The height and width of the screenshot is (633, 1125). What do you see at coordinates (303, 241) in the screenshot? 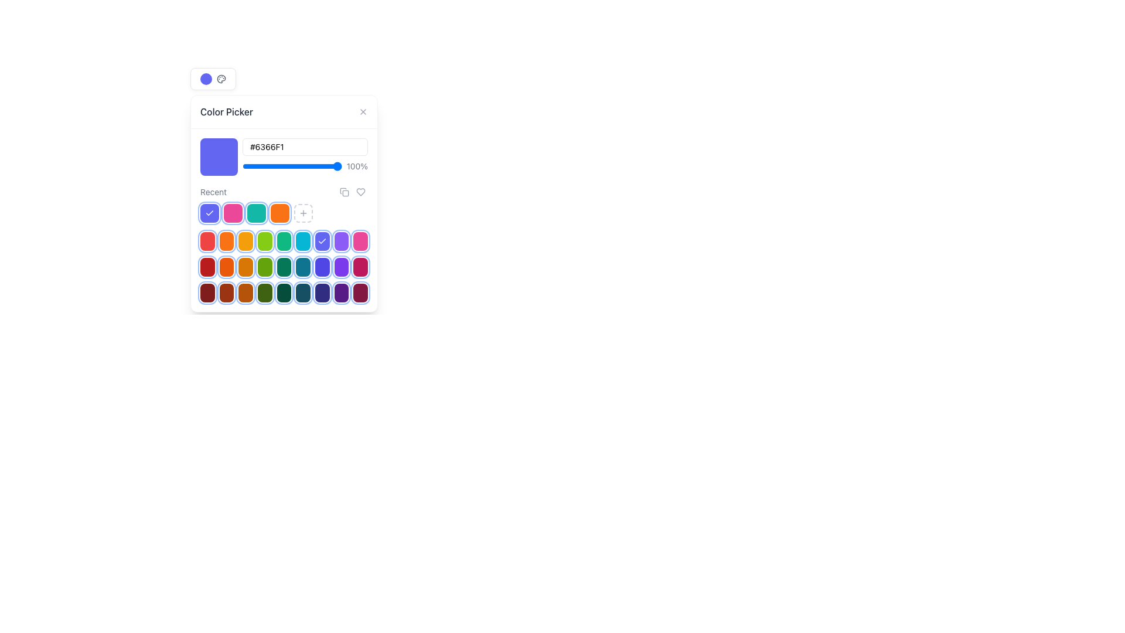
I see `the bright cyan color selection tile, which is the sixth tile in the color palette grid` at bounding box center [303, 241].